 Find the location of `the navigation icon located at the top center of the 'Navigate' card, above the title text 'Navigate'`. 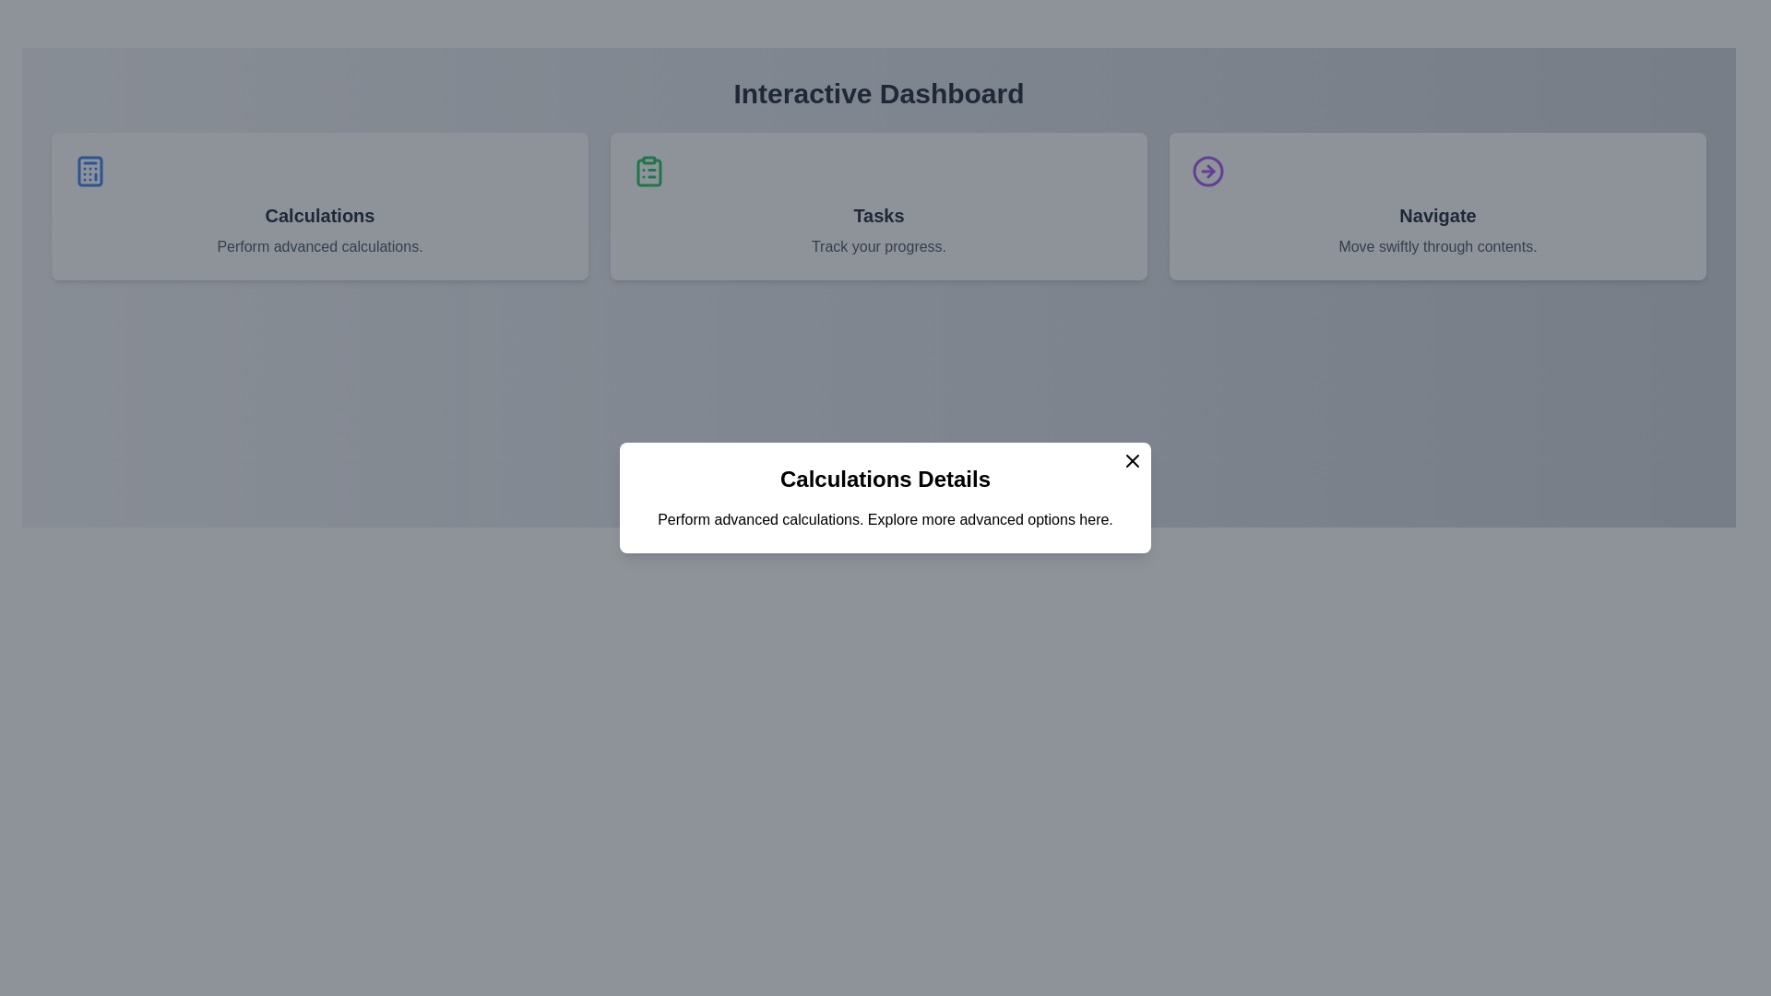

the navigation icon located at the top center of the 'Navigate' card, above the title text 'Navigate' is located at coordinates (1208, 171).